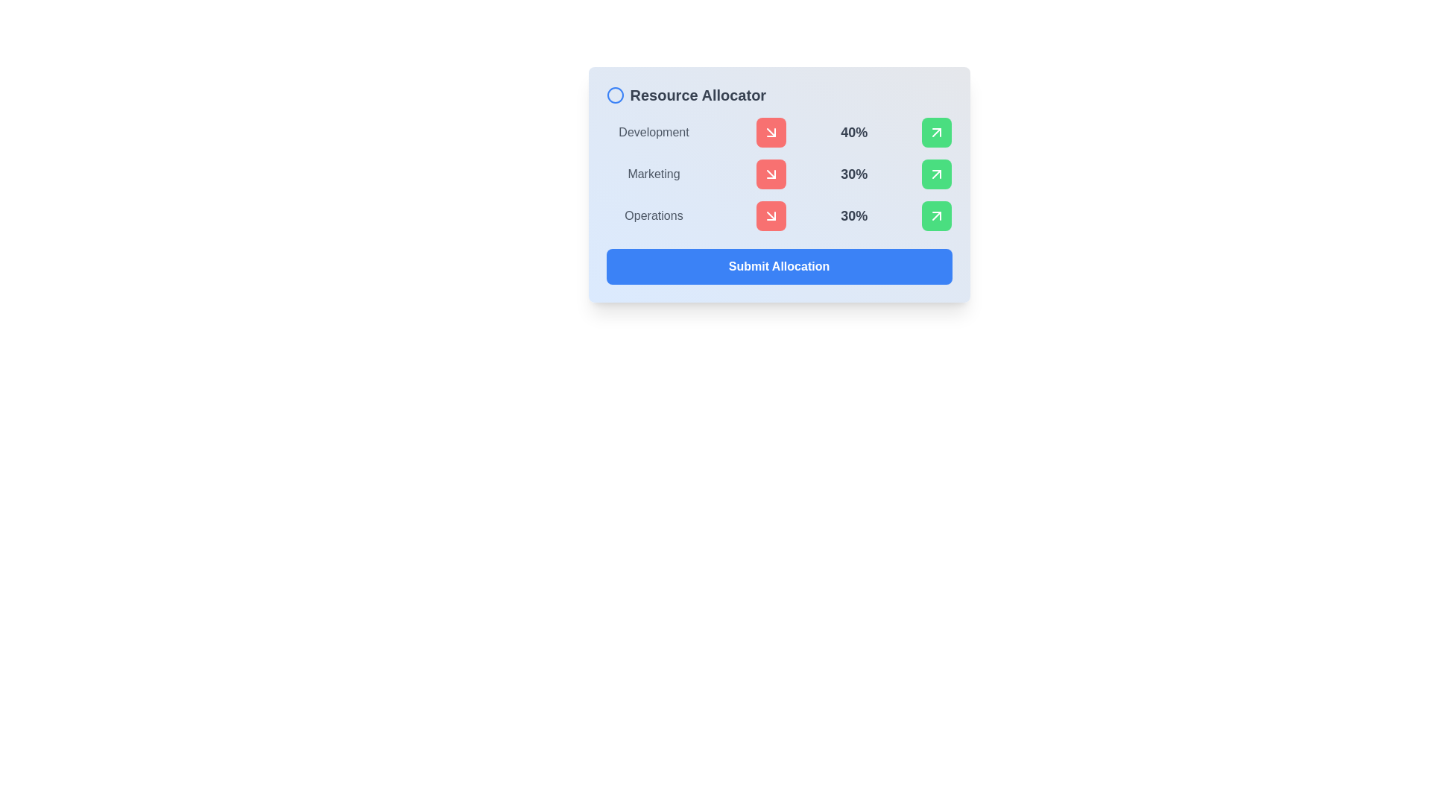 This screenshot has width=1431, height=805. I want to click on the static text element displaying '40%' which is bold, large, and gray, positioned between an arrow-down icon and an arrow-up icon in the Development row of the card layout, so click(854, 131).